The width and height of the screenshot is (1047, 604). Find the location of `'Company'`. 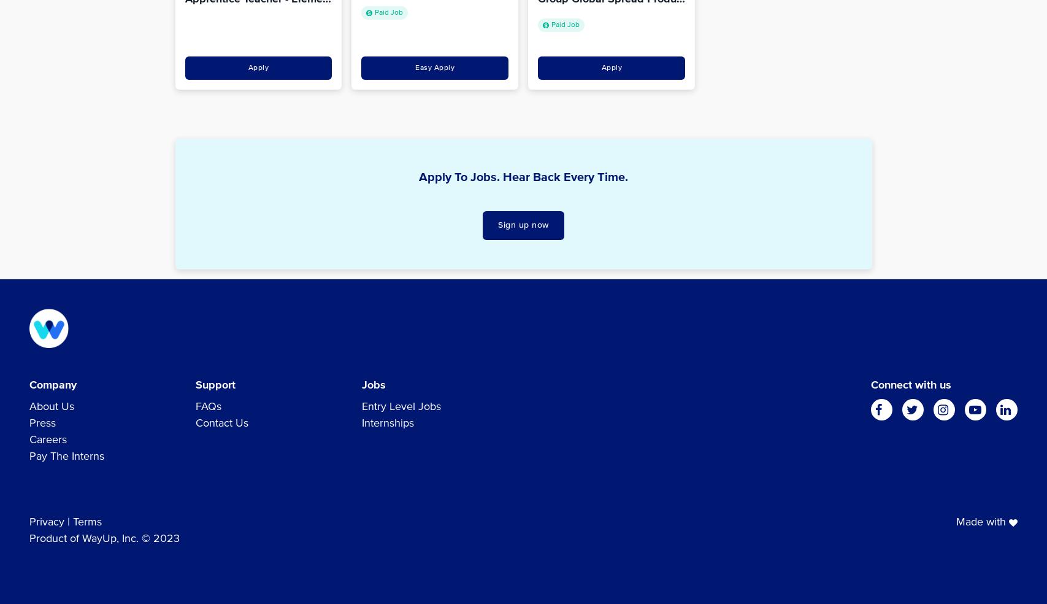

'Company' is located at coordinates (53, 385).